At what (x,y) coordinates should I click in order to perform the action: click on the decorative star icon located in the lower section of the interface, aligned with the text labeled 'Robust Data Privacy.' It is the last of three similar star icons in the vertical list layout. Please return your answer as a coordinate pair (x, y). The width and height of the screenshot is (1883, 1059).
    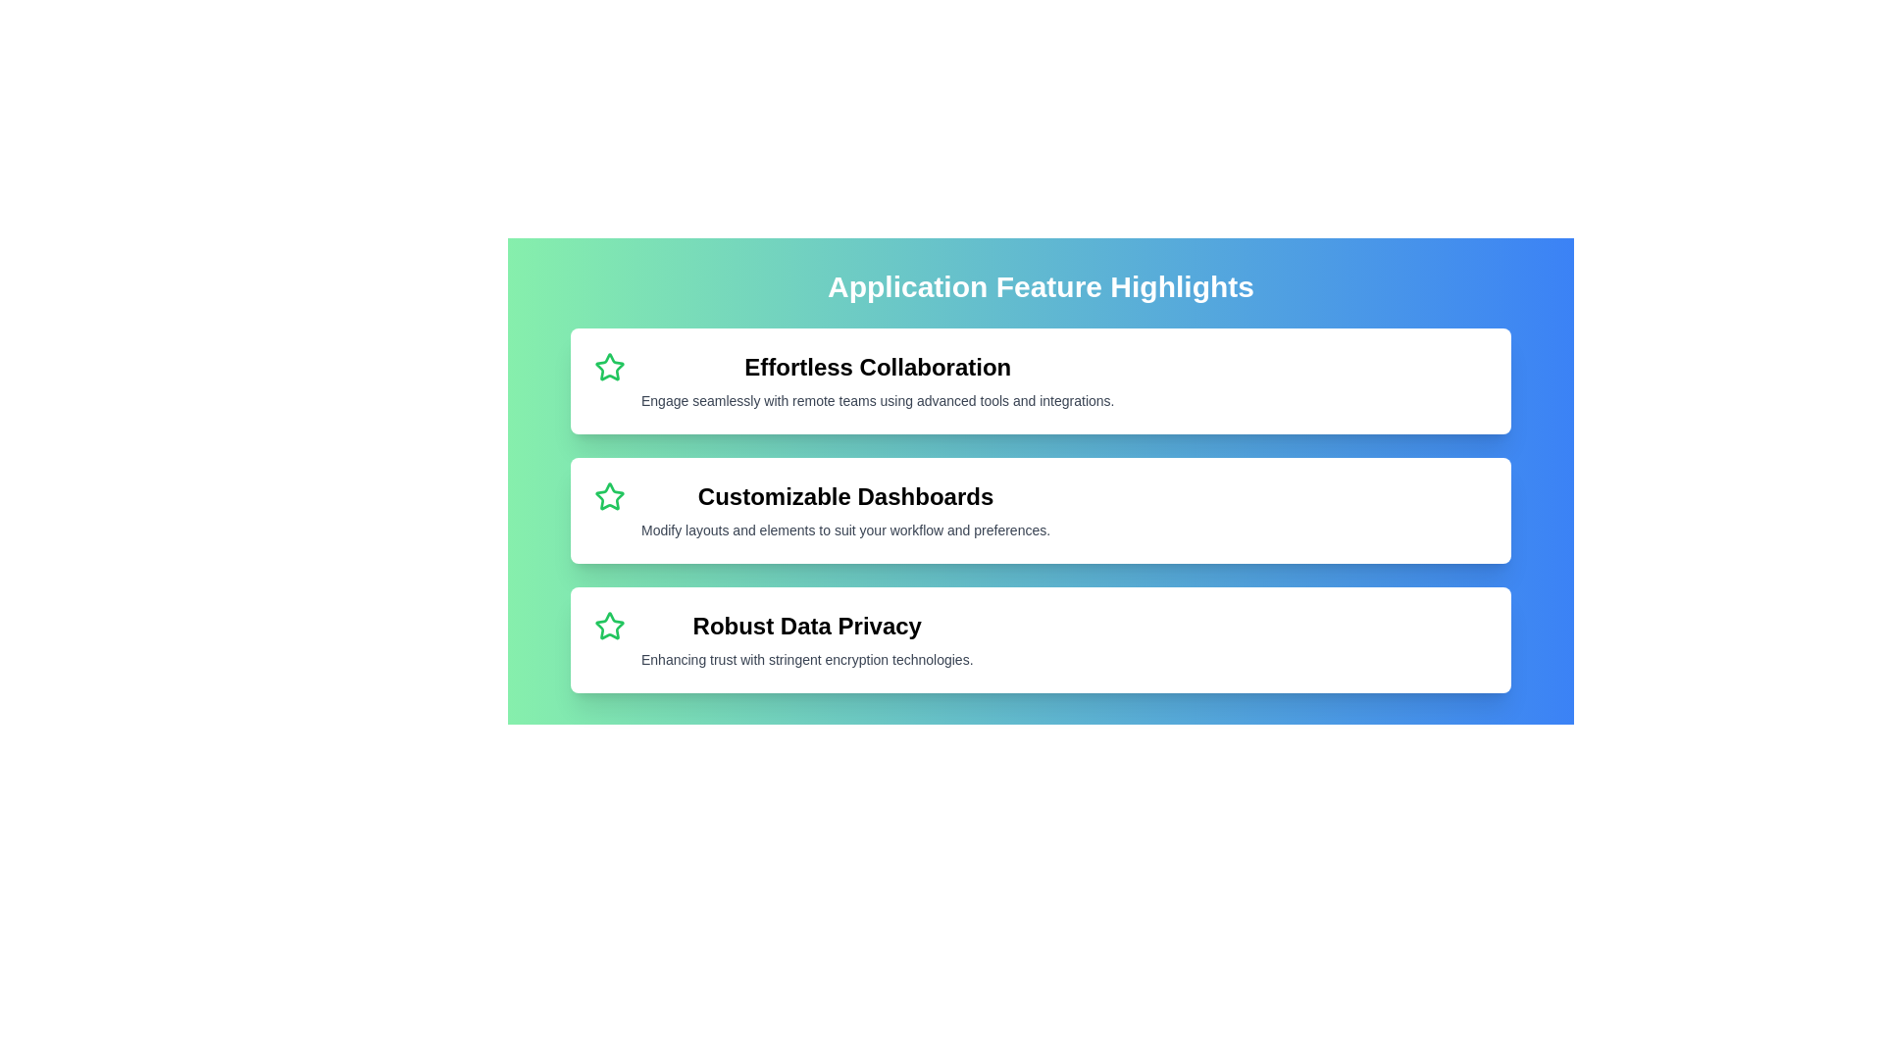
    Looking at the image, I should click on (609, 626).